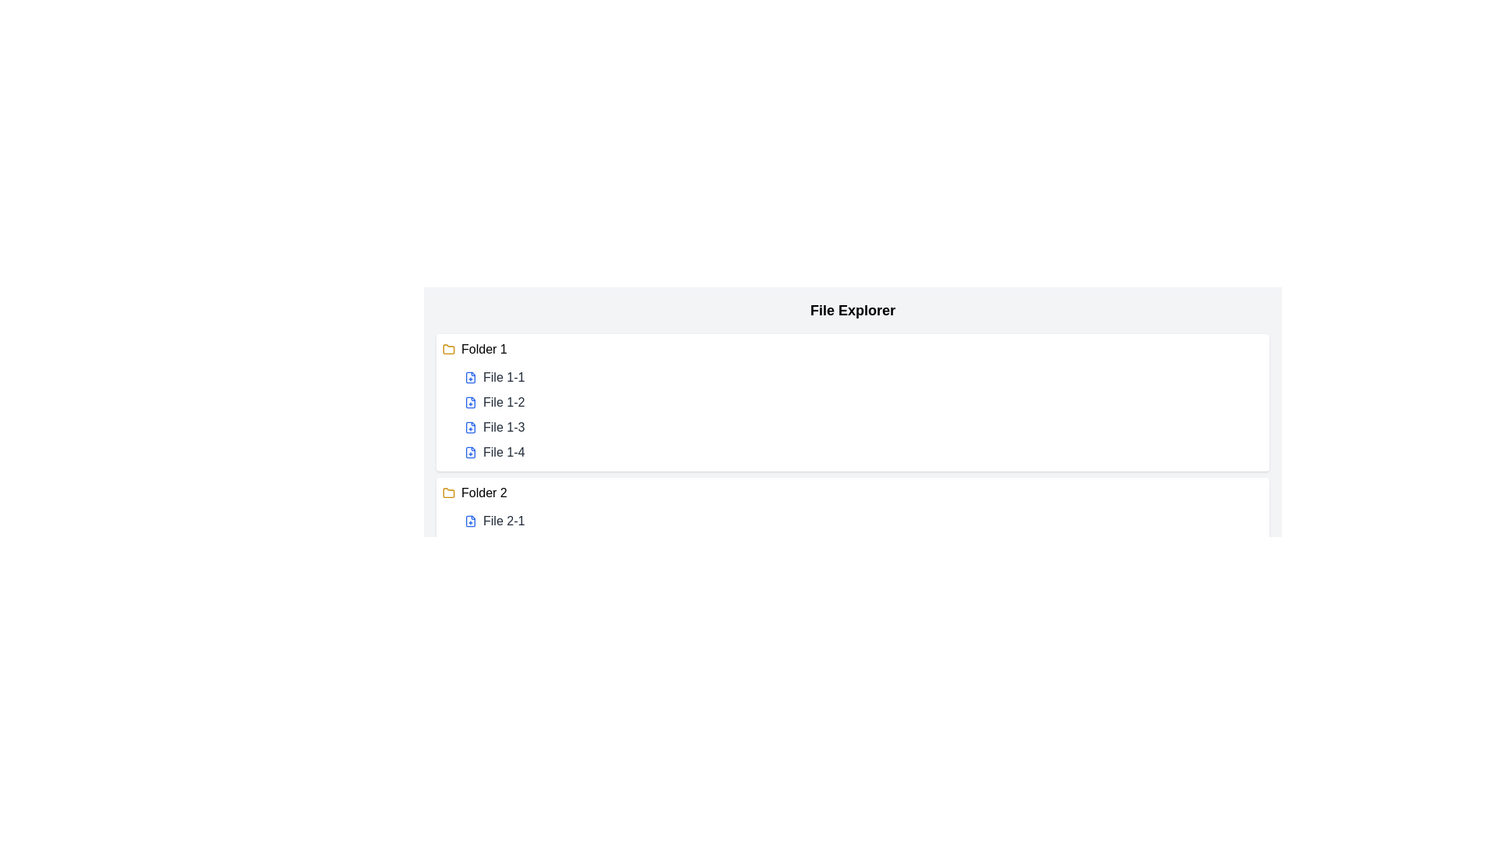 This screenshot has height=843, width=1499. I want to click on the static text label 'File 1-4' located in the file explorer interface under 'Folder 1', so click(504, 452).